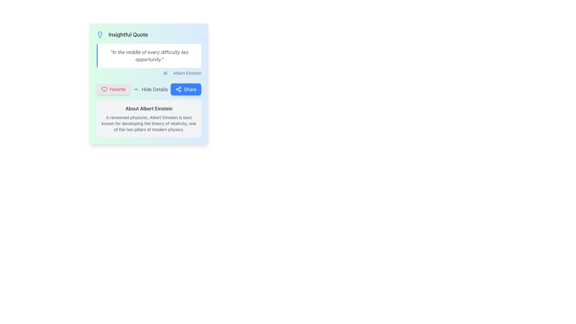 This screenshot has height=324, width=576. What do you see at coordinates (136, 89) in the screenshot?
I see `the Chevron Arrow icon located to the left of the 'Hide Details' text` at bounding box center [136, 89].